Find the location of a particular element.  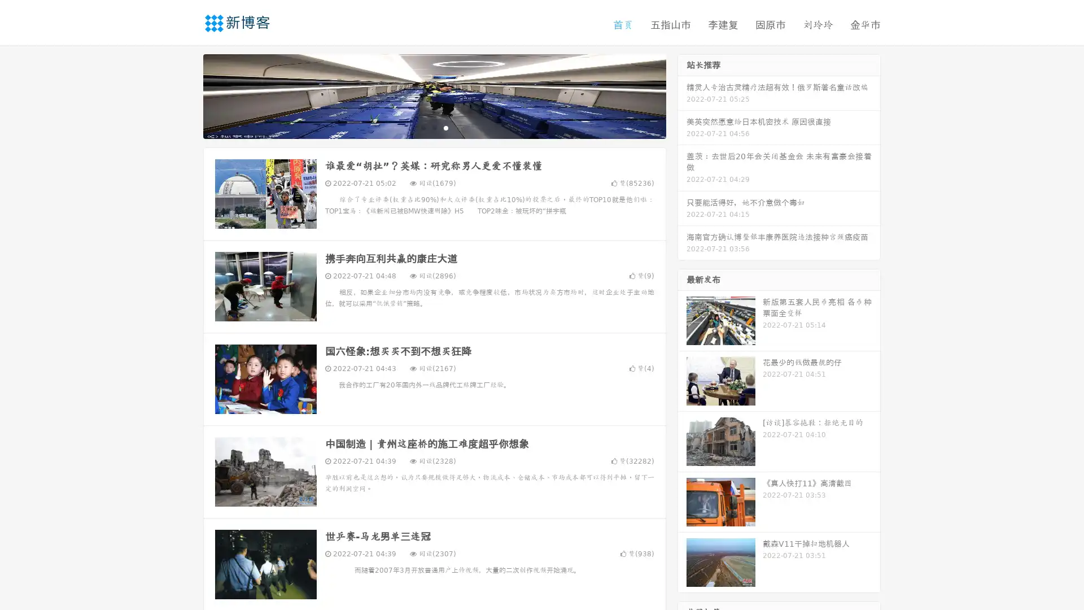

Next slide is located at coordinates (682, 95).